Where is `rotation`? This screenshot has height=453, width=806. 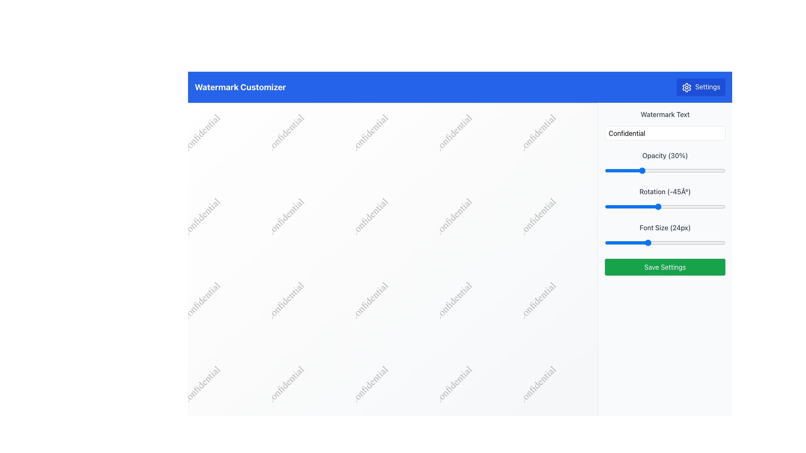 rotation is located at coordinates (637, 206).